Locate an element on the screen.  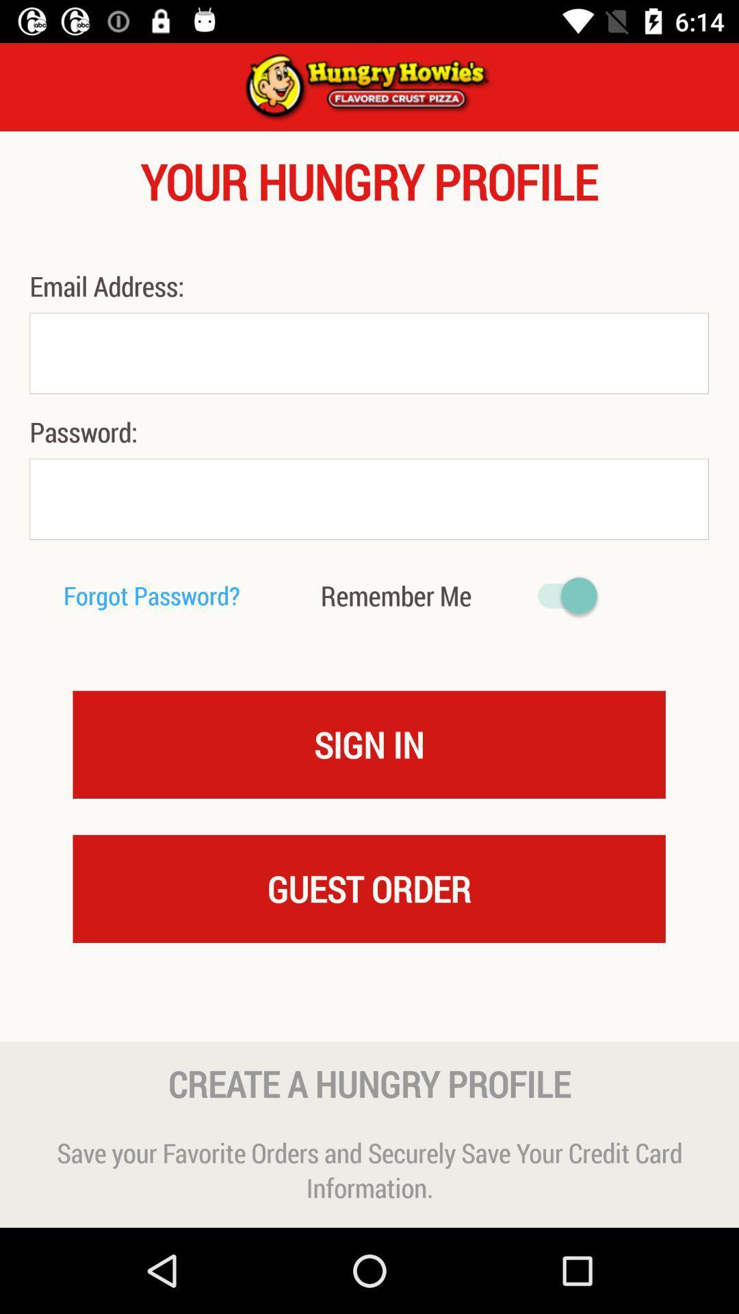
remember login option is located at coordinates (560, 595).